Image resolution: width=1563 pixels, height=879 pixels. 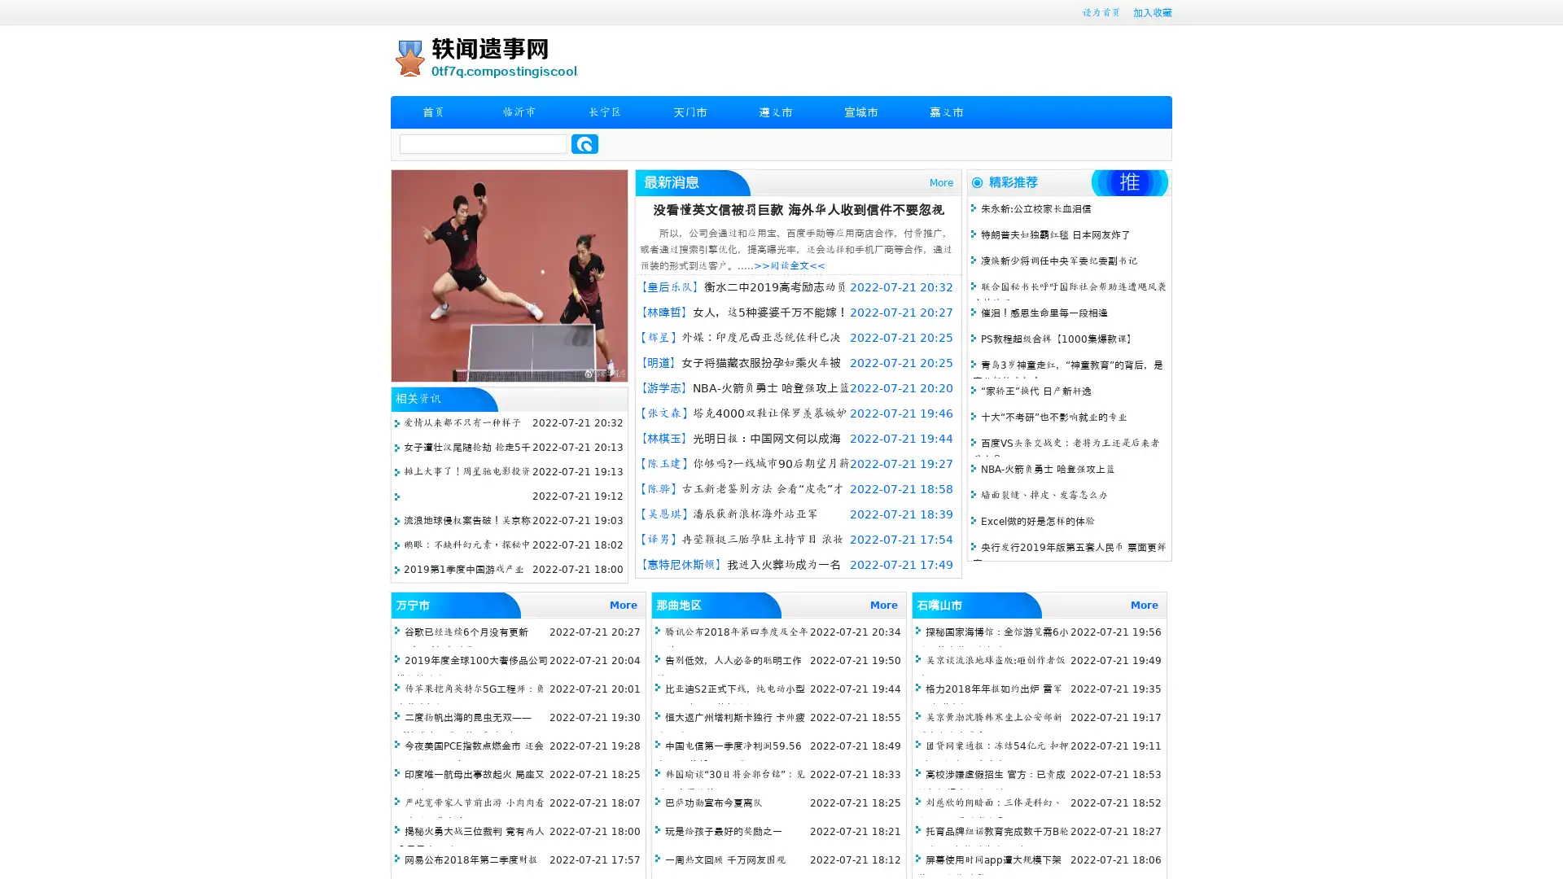 I want to click on Search, so click(x=584, y=143).